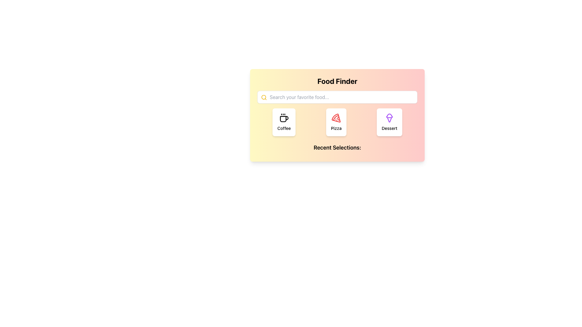 The image size is (582, 327). I want to click on the middle part of the ice cream cone icon representing the 'Dessert' category in the application interface, so click(390, 120).